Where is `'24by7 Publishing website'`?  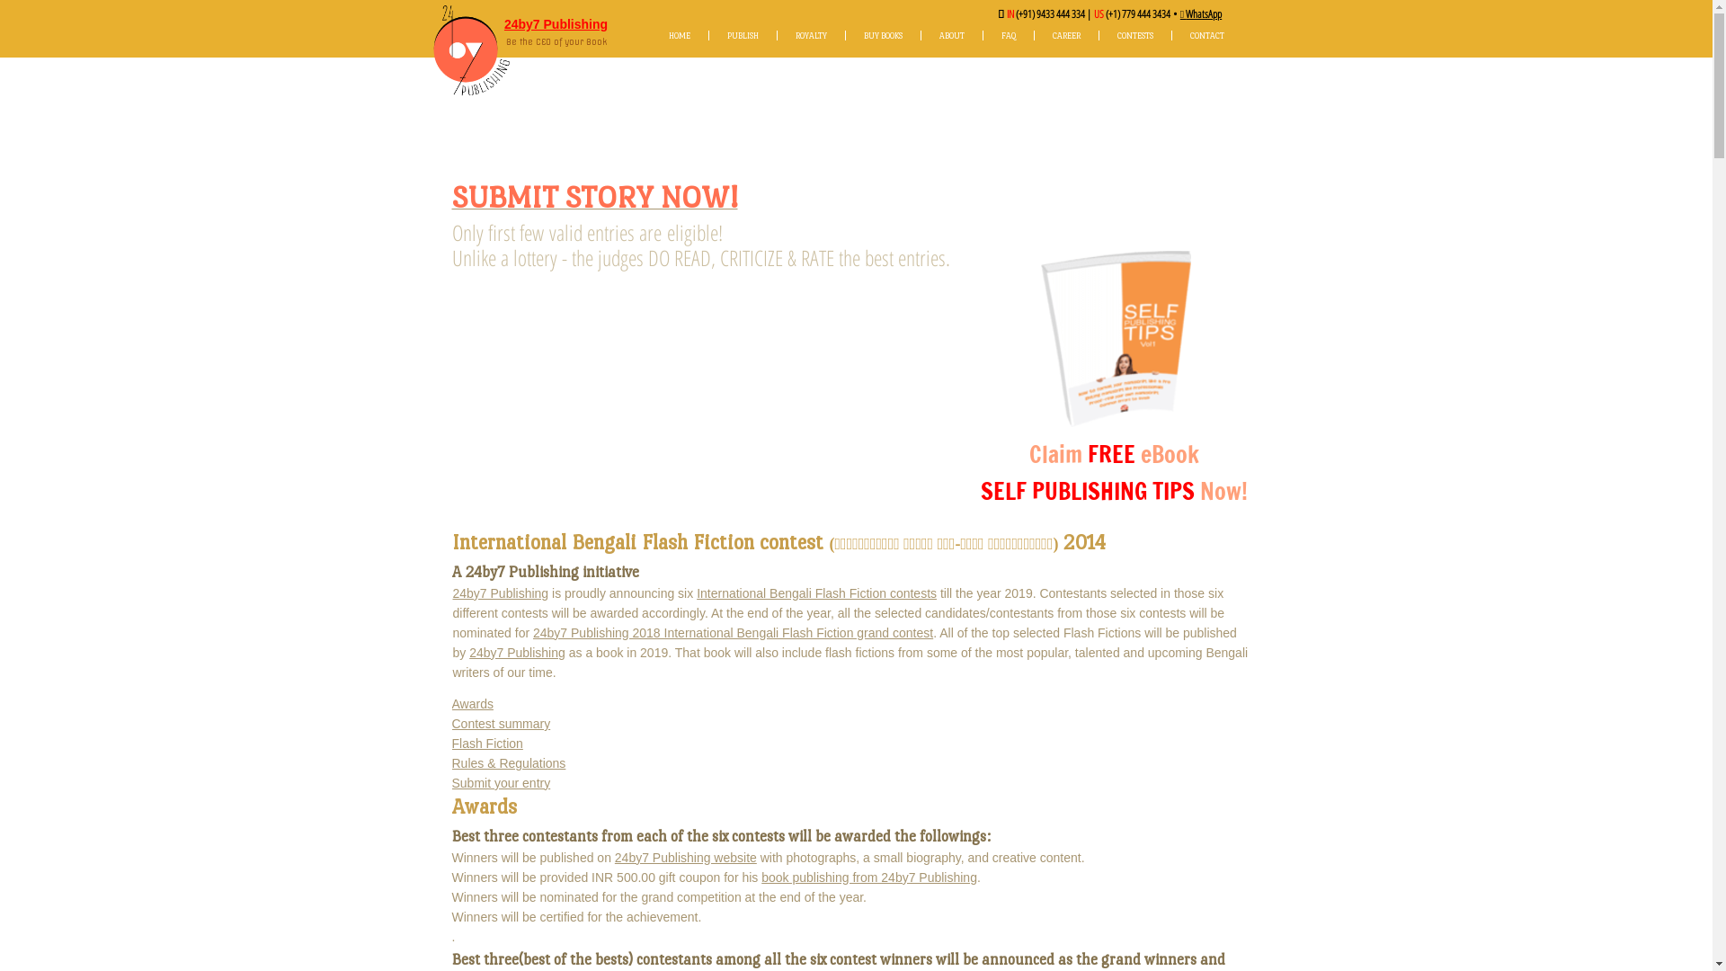
'24by7 Publishing website' is located at coordinates (615, 856).